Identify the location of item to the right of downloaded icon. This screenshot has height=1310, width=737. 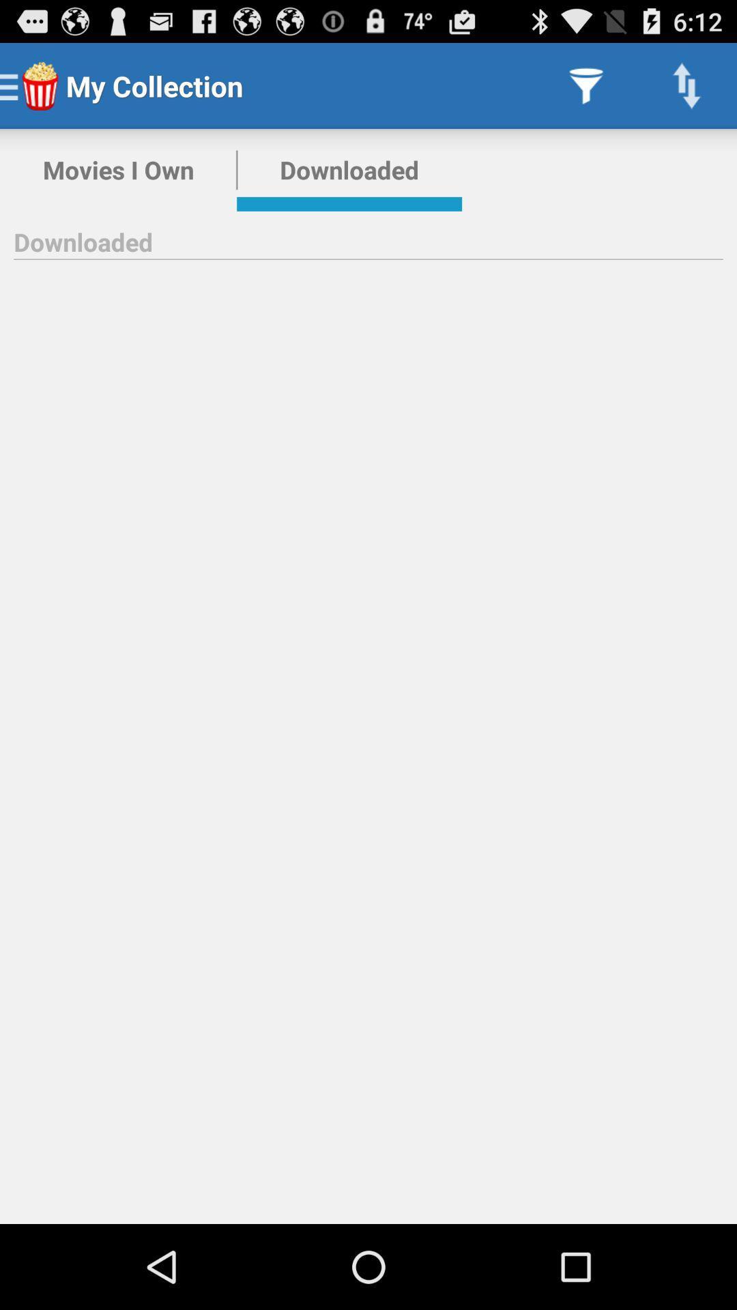
(586, 85).